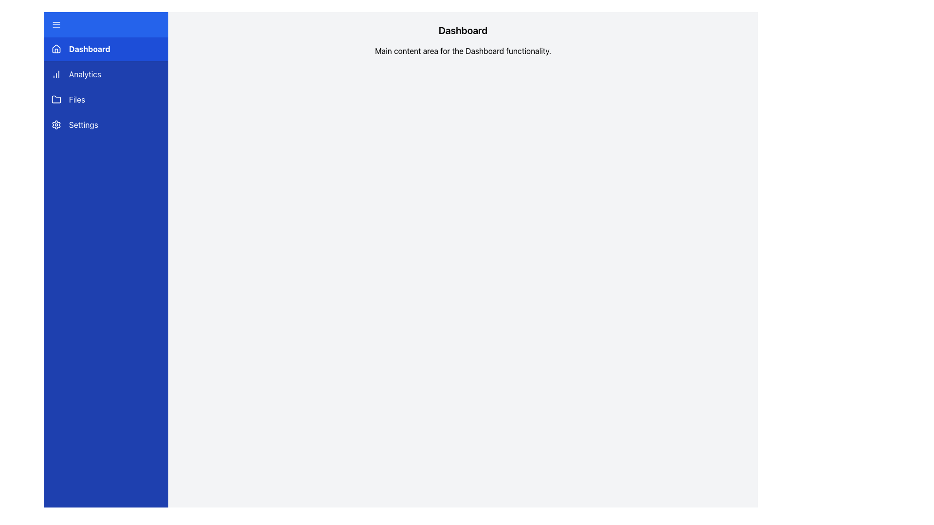  What do you see at coordinates (55, 99) in the screenshot?
I see `the blue folder icon in the left navigation panel, located next to the 'Files' text link` at bounding box center [55, 99].